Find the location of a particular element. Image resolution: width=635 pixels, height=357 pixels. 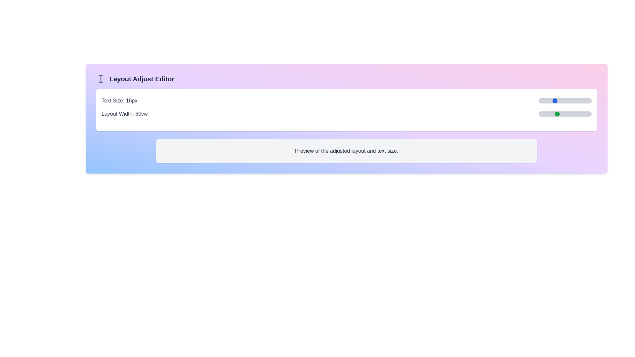

the slider is located at coordinates (542, 100).